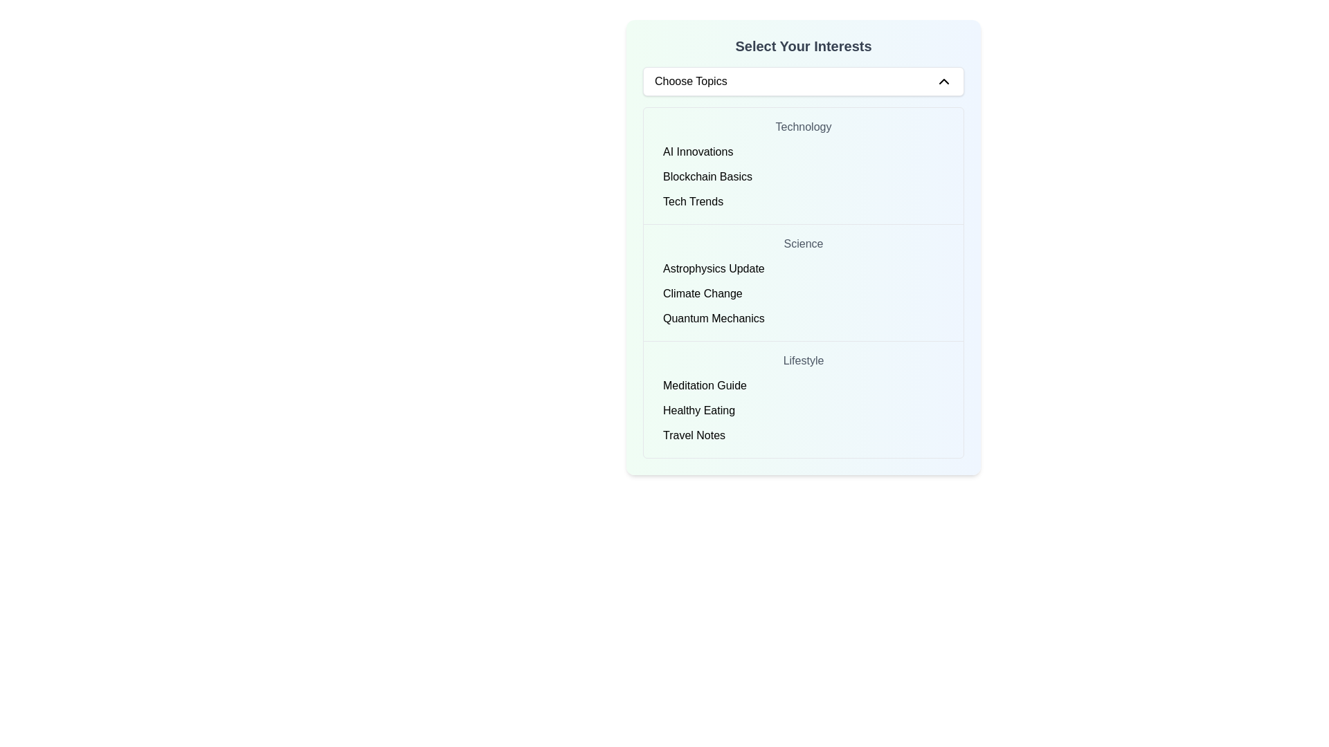 This screenshot has width=1329, height=747. What do you see at coordinates (804, 282) in the screenshot?
I see `the 'Climate Change' option within the 'Science' category list, which is the second category listed in the interface` at bounding box center [804, 282].